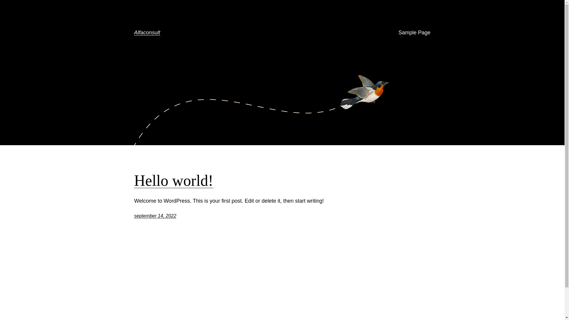 The image size is (569, 320). I want to click on 'Alfaconsult', so click(133, 33).